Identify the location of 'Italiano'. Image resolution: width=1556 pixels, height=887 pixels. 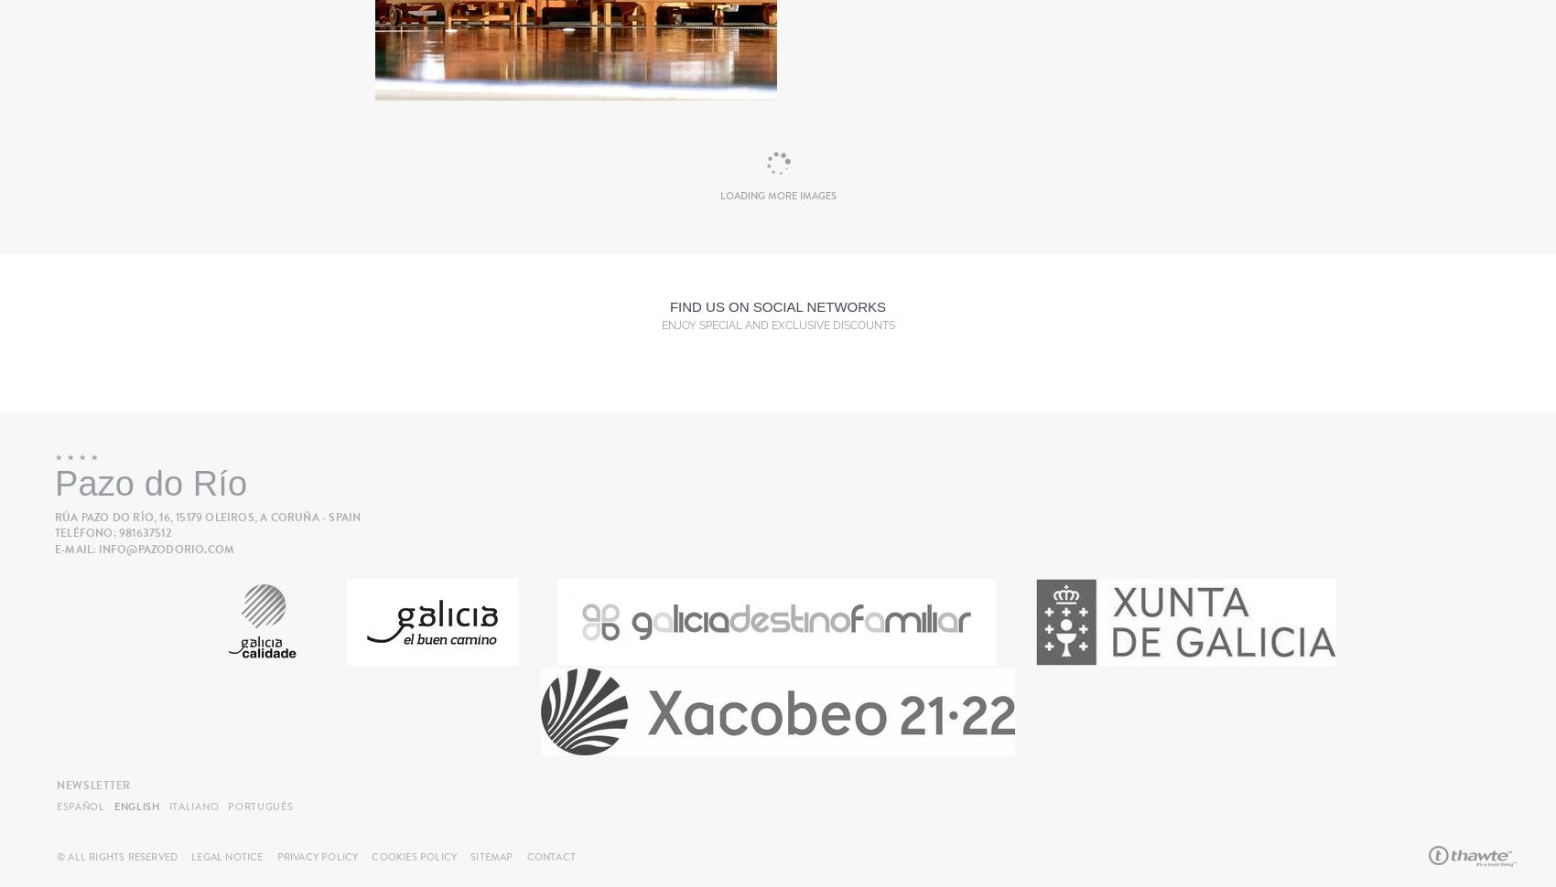
(192, 806).